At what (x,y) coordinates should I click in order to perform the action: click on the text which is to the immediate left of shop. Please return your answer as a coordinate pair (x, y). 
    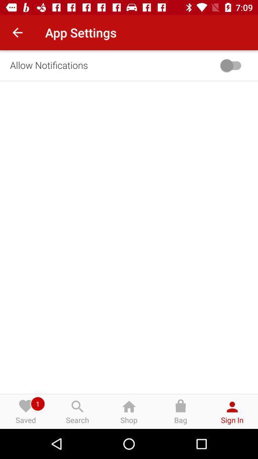
    Looking at the image, I should click on (77, 411).